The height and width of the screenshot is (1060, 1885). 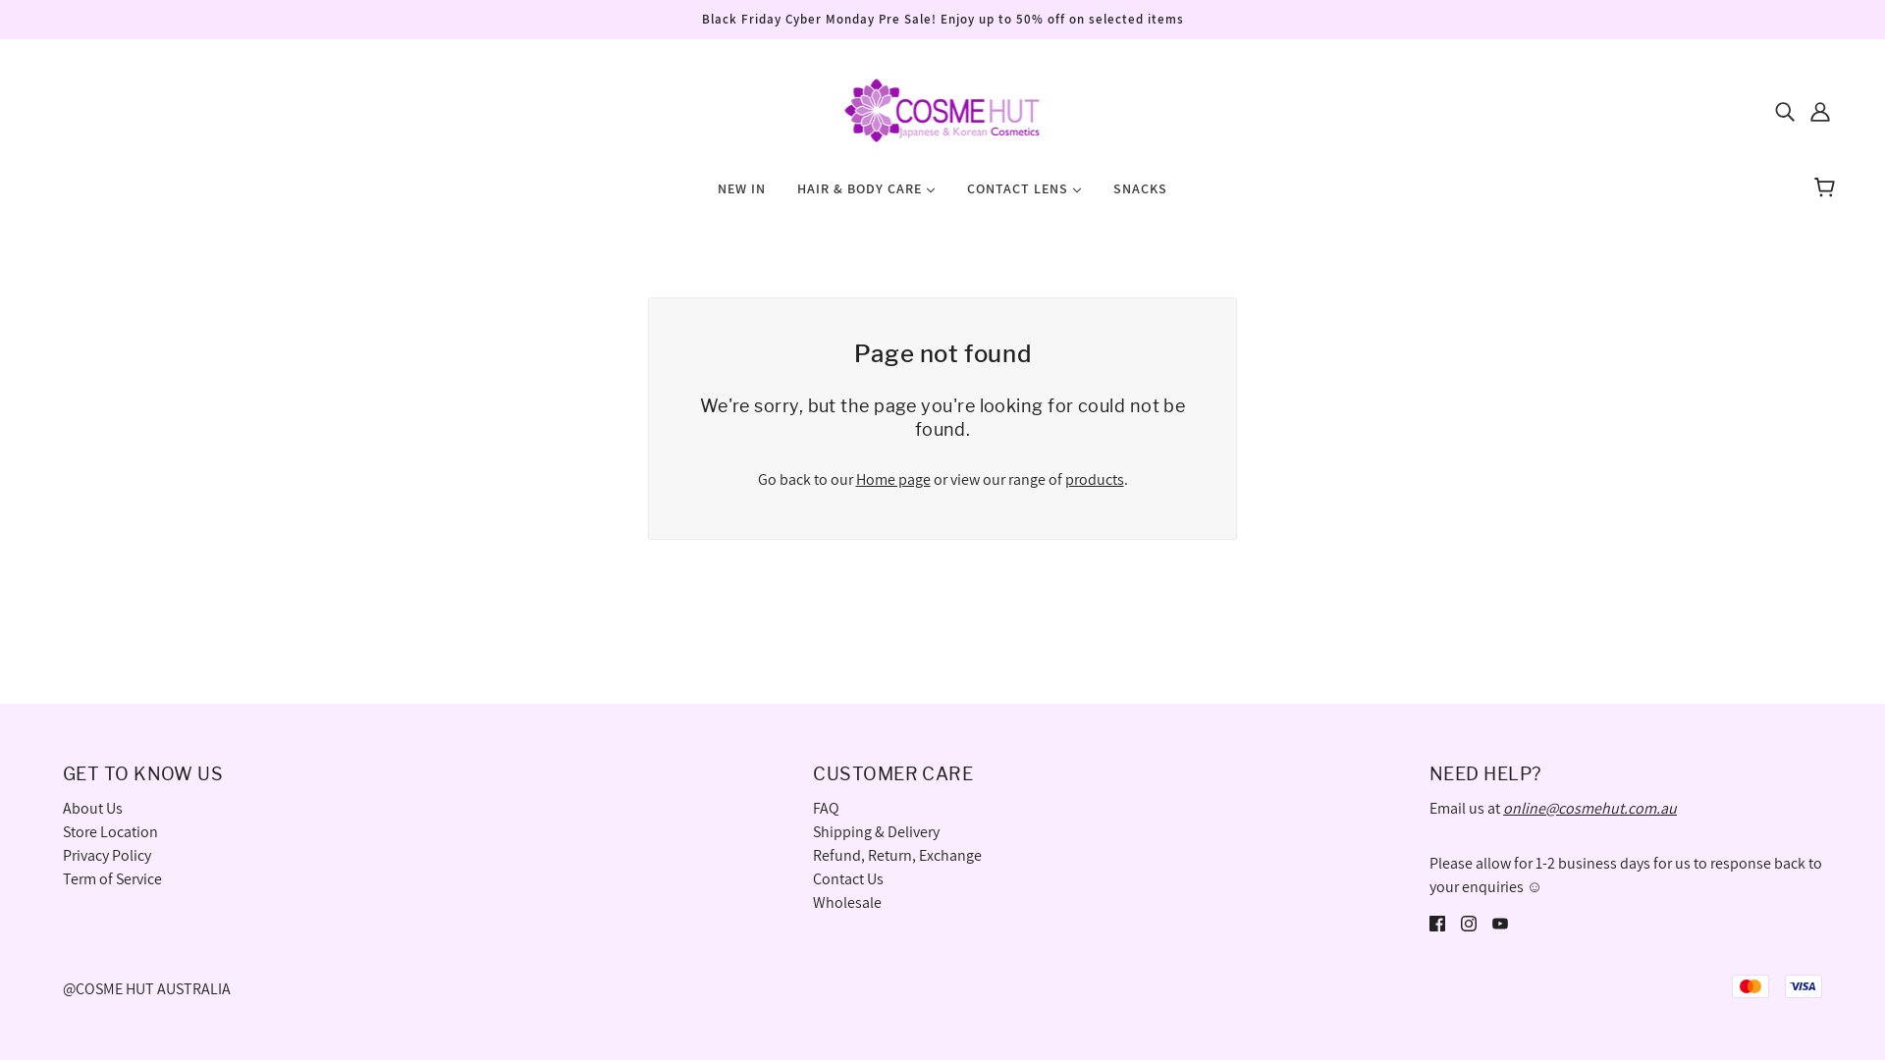 What do you see at coordinates (1092, 479) in the screenshot?
I see `'products'` at bounding box center [1092, 479].